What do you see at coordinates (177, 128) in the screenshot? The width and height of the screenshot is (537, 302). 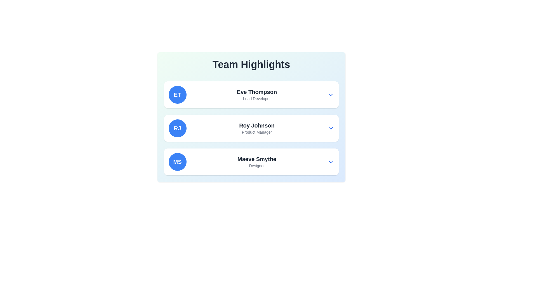 I see `the visual badge representing 'Roy Johnson', which serves as an avatar for distinguishing individuals in a list or group view` at bounding box center [177, 128].